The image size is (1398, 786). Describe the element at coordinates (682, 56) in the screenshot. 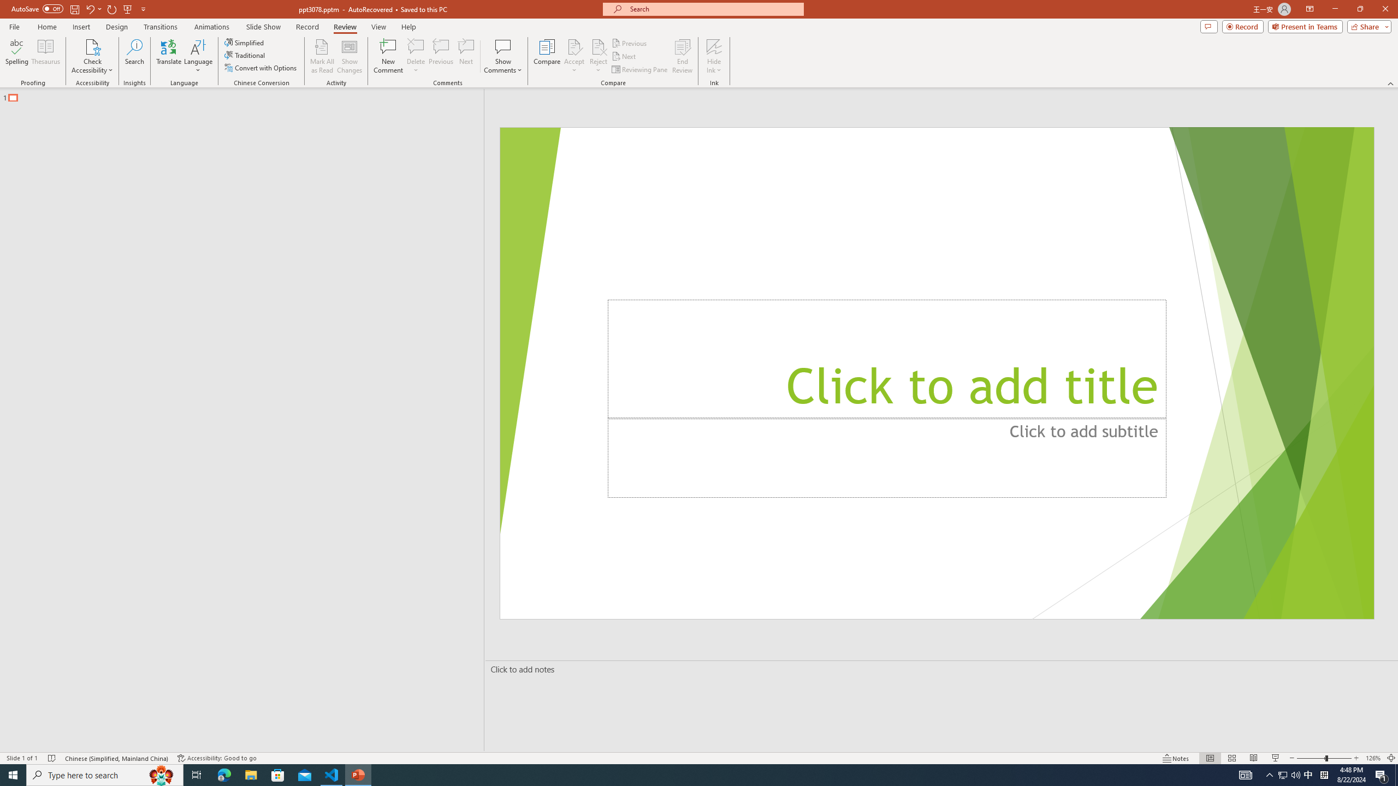

I see `'End Review'` at that location.